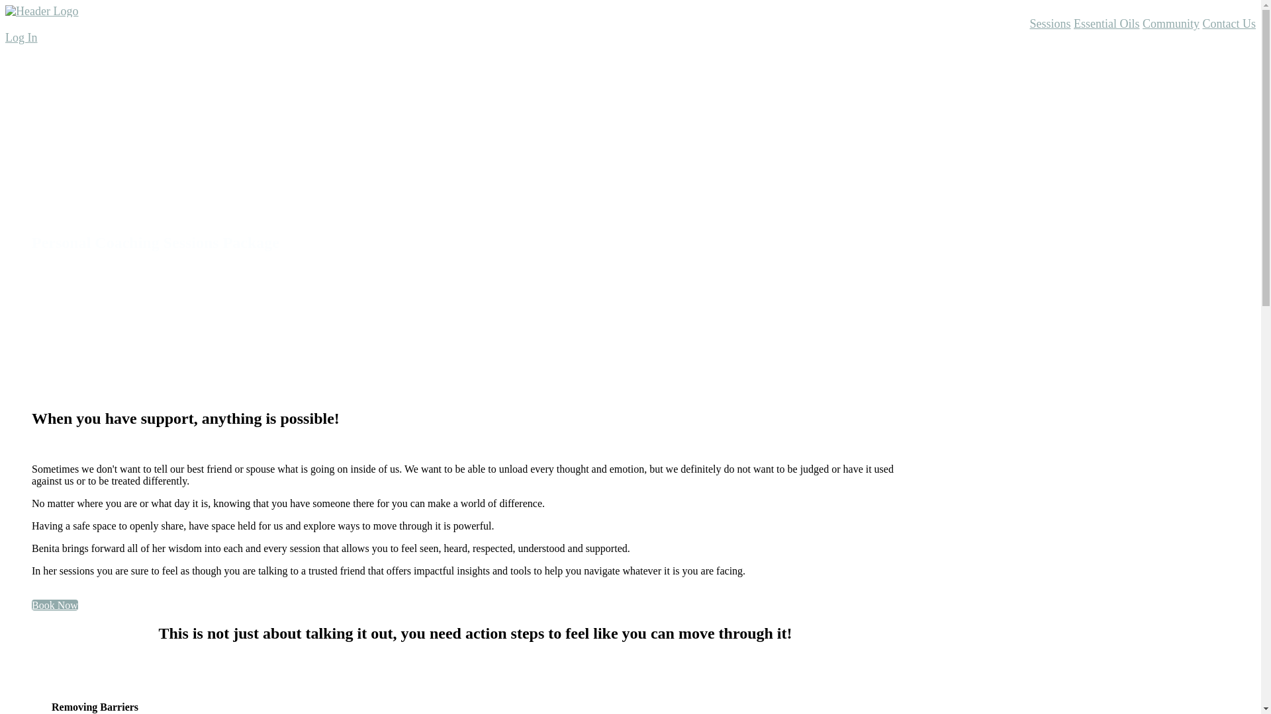 This screenshot has width=1271, height=714. What do you see at coordinates (21, 37) in the screenshot?
I see `'Log In'` at bounding box center [21, 37].